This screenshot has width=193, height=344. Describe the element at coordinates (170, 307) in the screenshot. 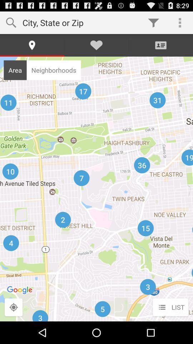

I see `item at the bottom right corner` at that location.